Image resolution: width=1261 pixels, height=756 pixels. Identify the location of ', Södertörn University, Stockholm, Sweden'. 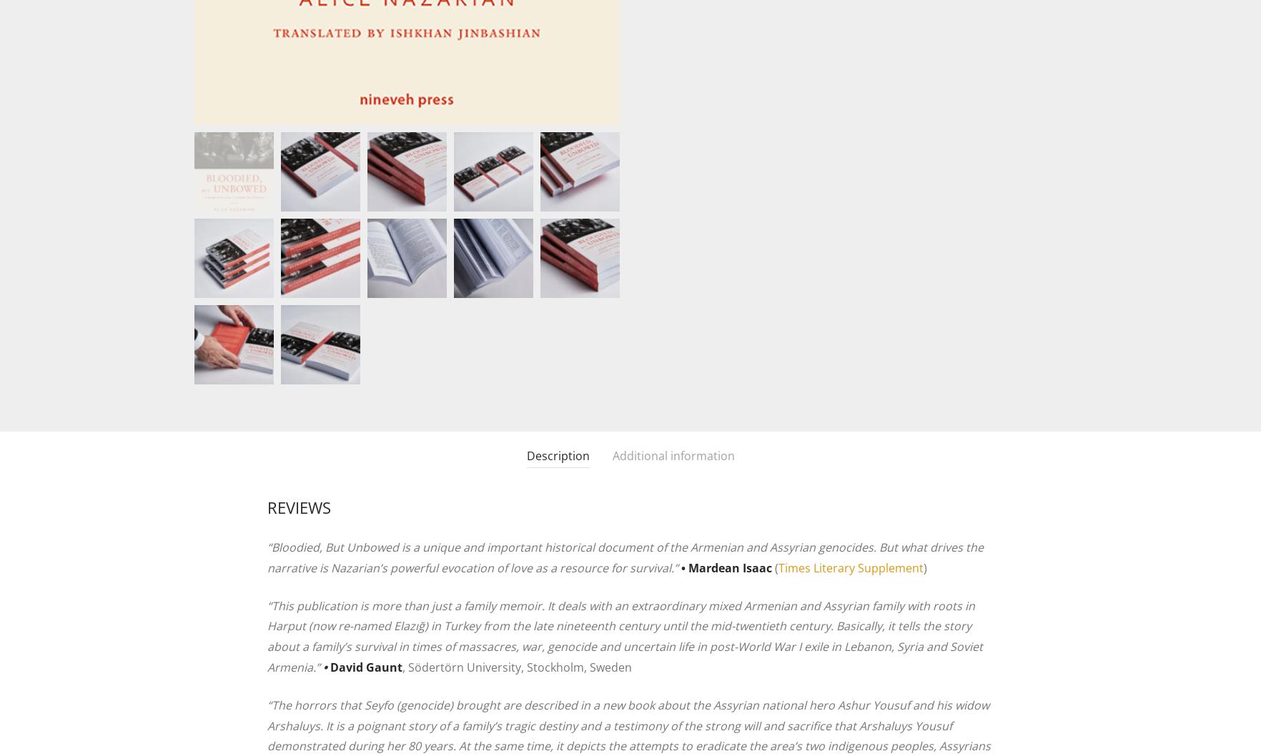
(517, 667).